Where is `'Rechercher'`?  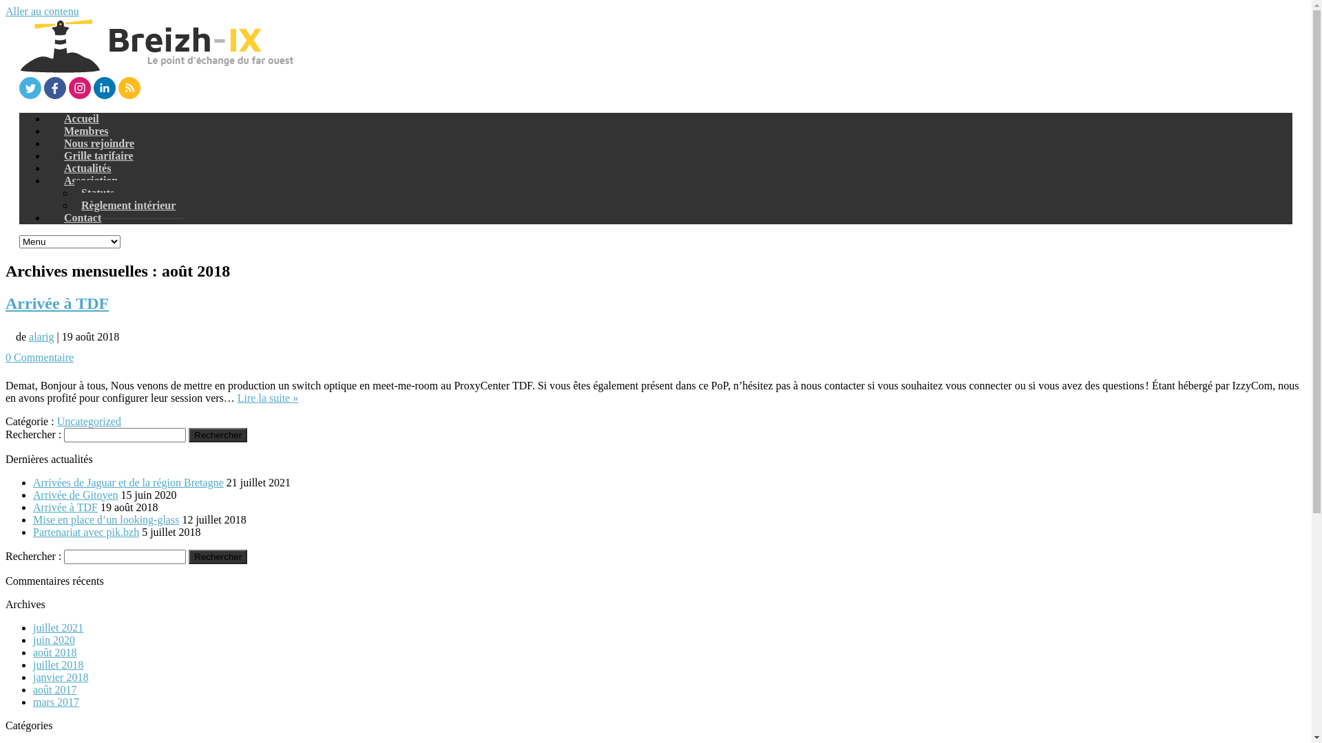
'Rechercher' is located at coordinates (217, 435).